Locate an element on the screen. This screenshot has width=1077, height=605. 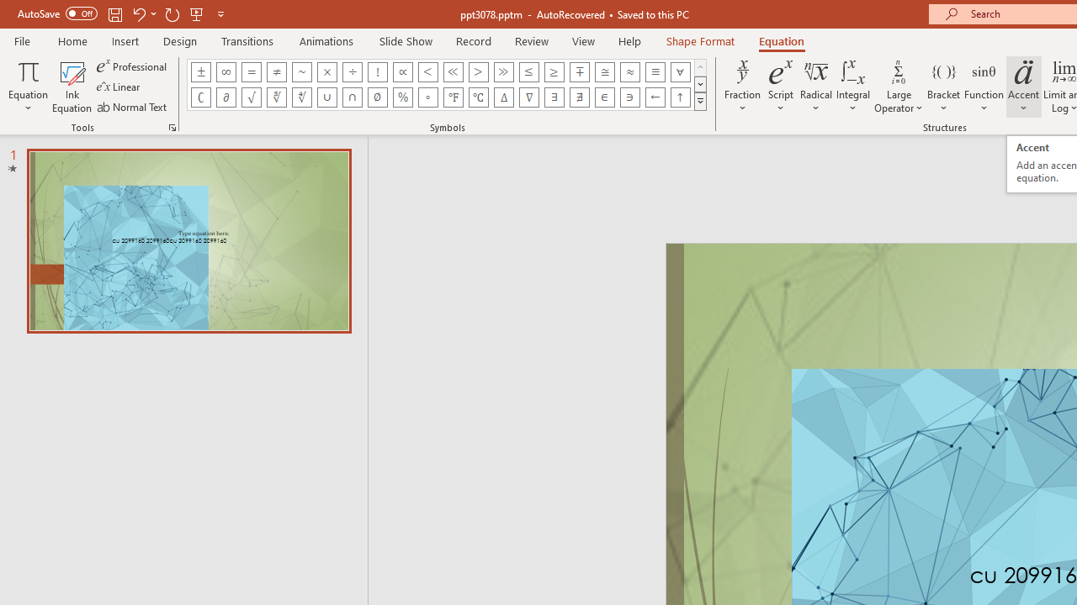
'Equation Symbol Degrees' is located at coordinates (427, 97).